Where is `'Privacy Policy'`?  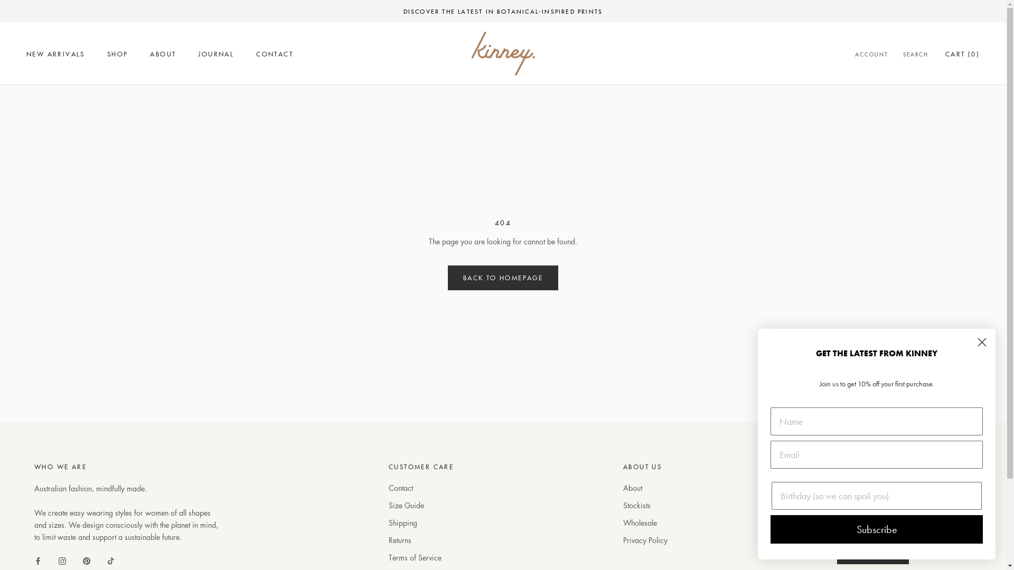 'Privacy Policy' is located at coordinates (645, 540).